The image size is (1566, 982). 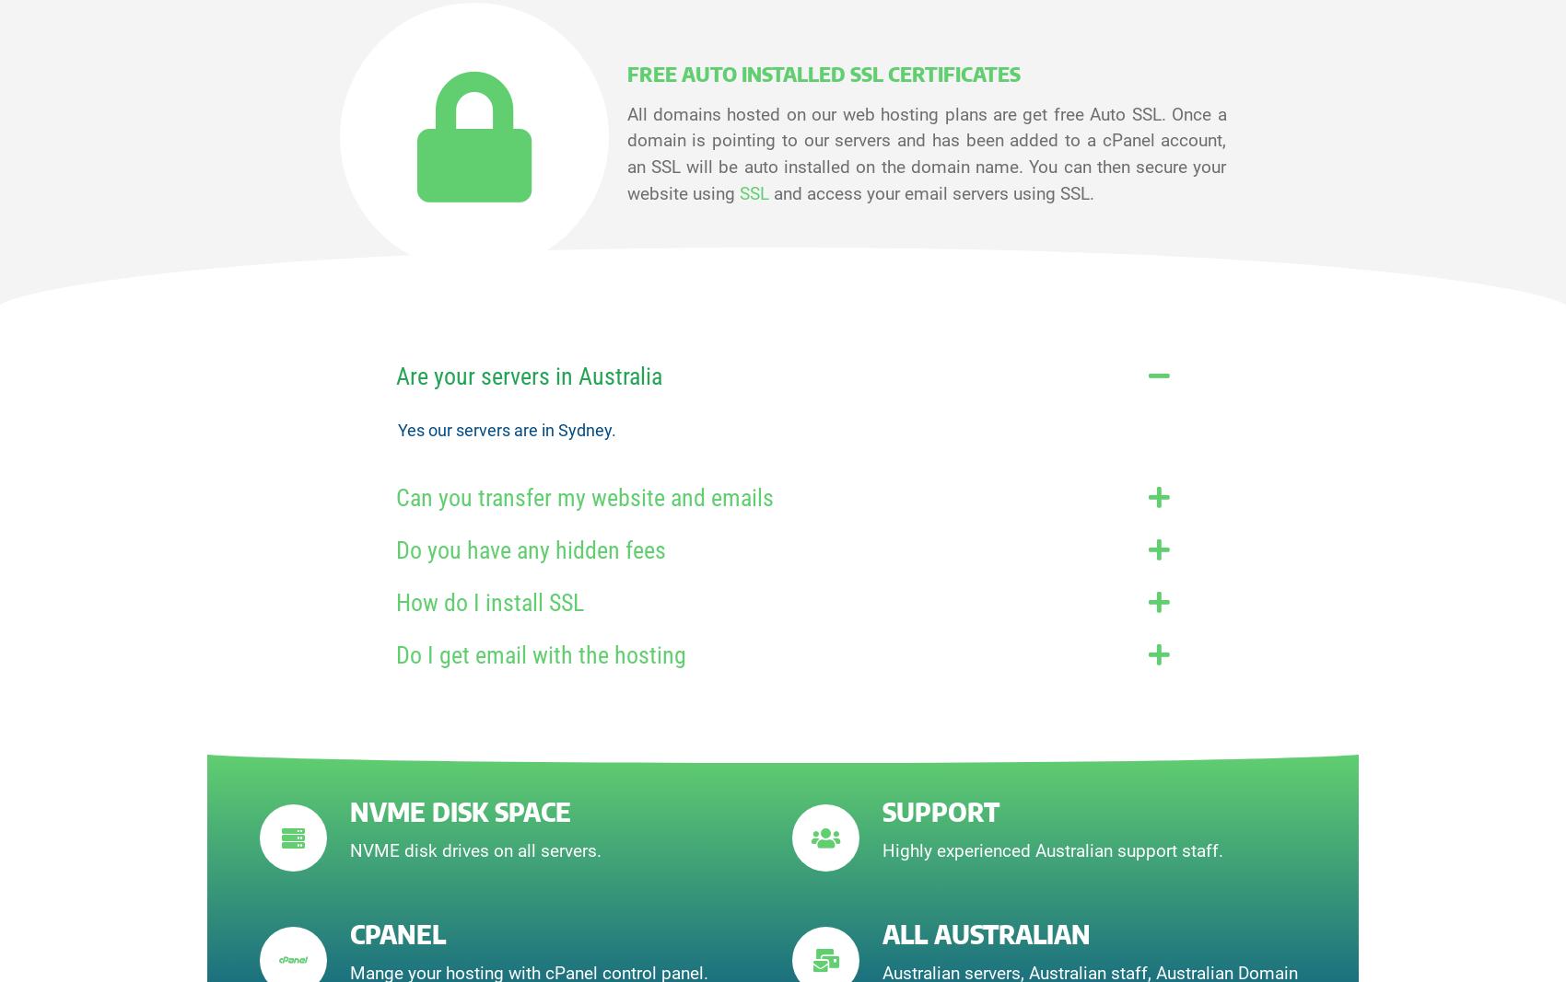 What do you see at coordinates (540, 654) in the screenshot?
I see `'Do I get email with the hosting'` at bounding box center [540, 654].